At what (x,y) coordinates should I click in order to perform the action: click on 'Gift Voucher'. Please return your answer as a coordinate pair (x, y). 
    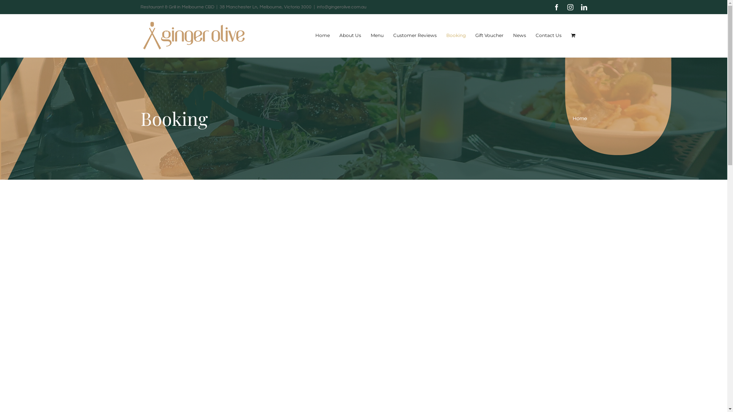
    Looking at the image, I should click on (489, 35).